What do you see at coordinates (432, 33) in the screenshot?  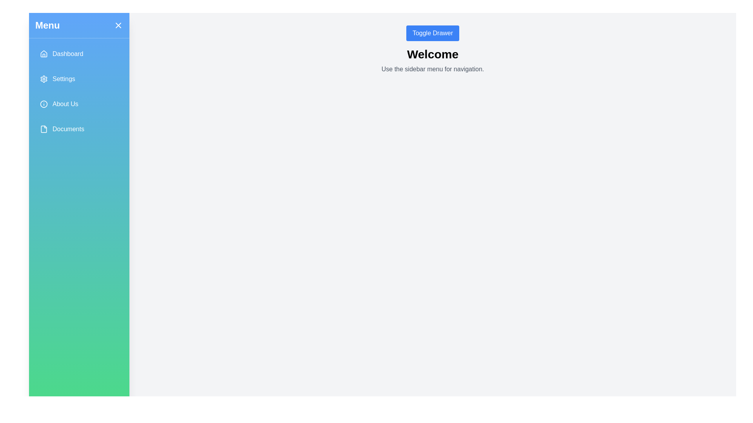 I see `the 'Toggle Drawer' button to toggle the drawer's visibility` at bounding box center [432, 33].